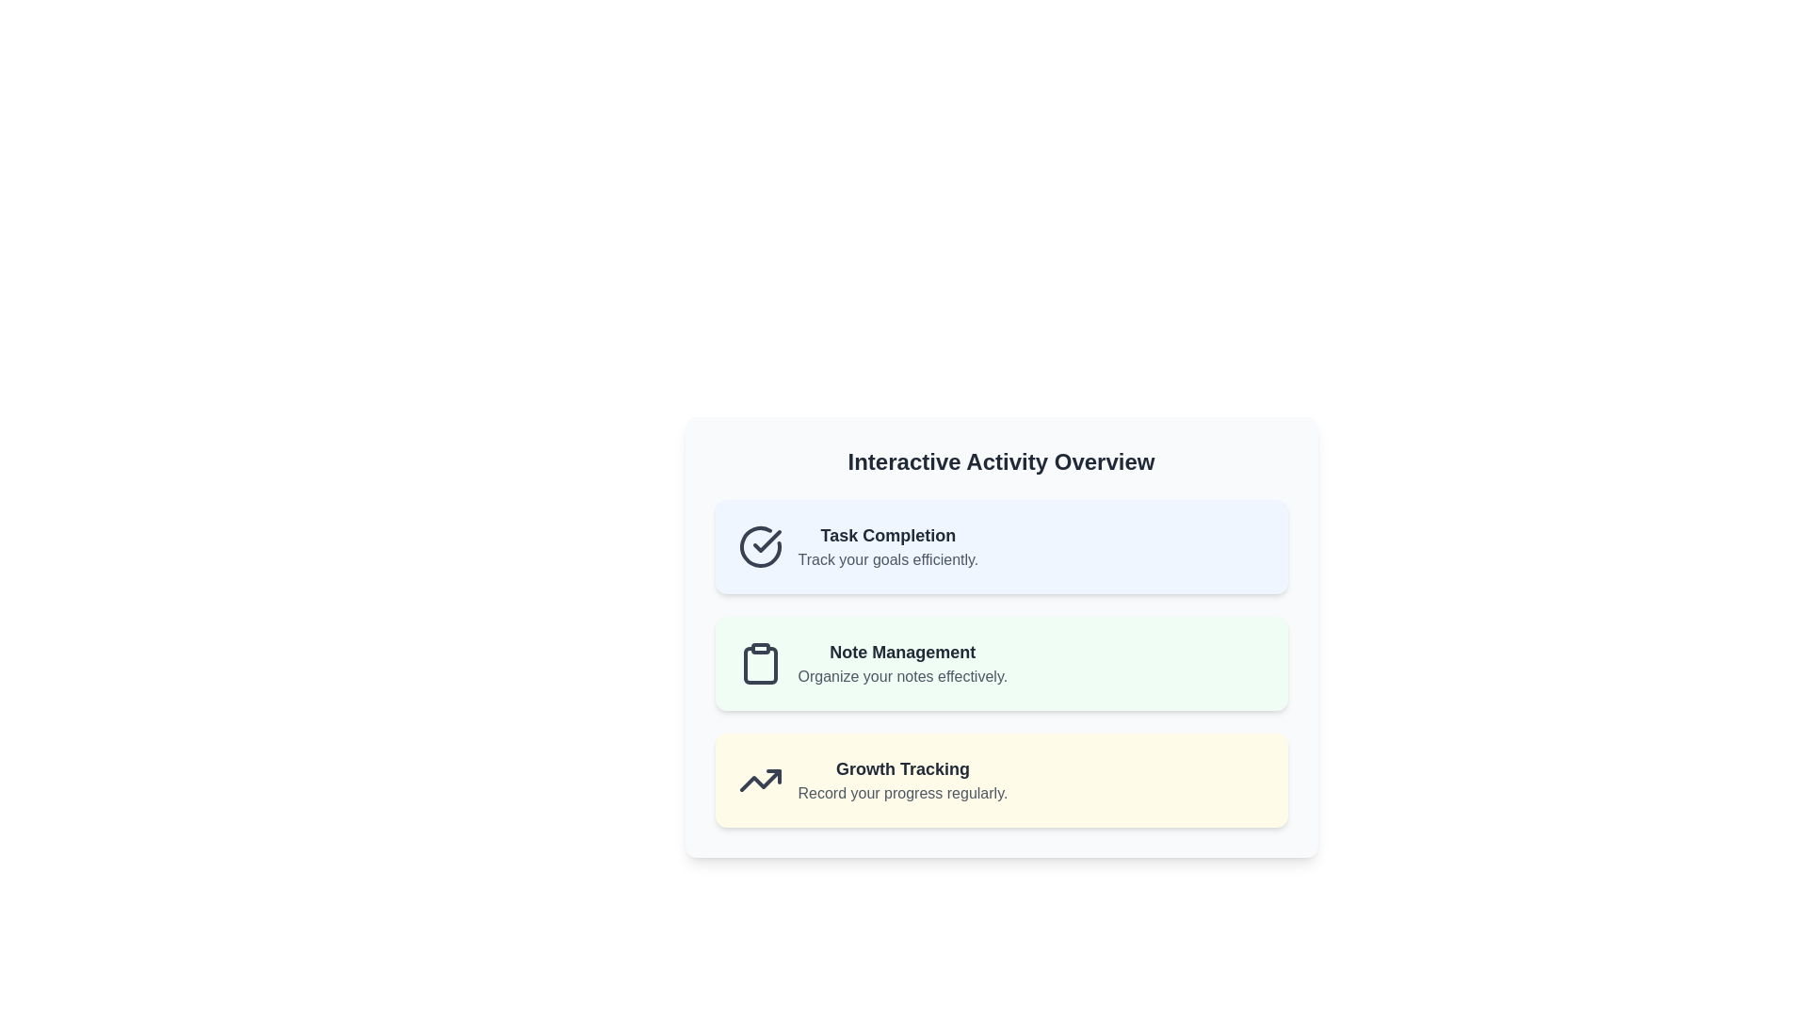  Describe the element at coordinates (760, 663) in the screenshot. I see `the clipboard icon with a dark gray color, located in the 'Note Management' section on a green background, positioned as the leftmost item within a vertically stacked layout of three cards` at that location.